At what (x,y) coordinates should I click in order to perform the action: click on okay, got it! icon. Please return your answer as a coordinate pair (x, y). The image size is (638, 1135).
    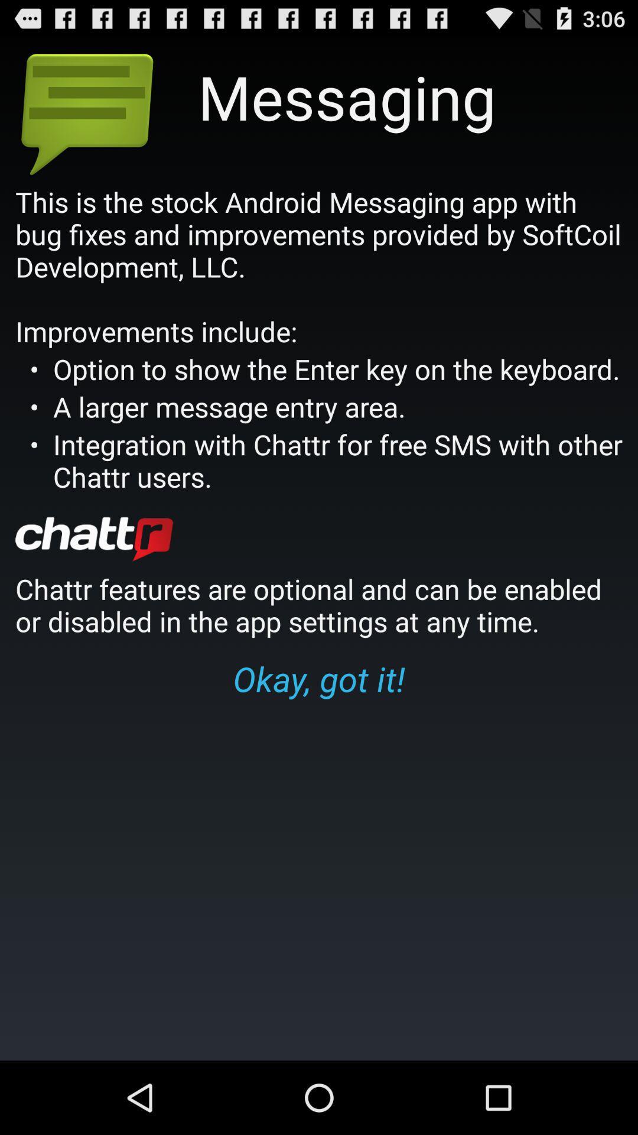
    Looking at the image, I should click on (319, 678).